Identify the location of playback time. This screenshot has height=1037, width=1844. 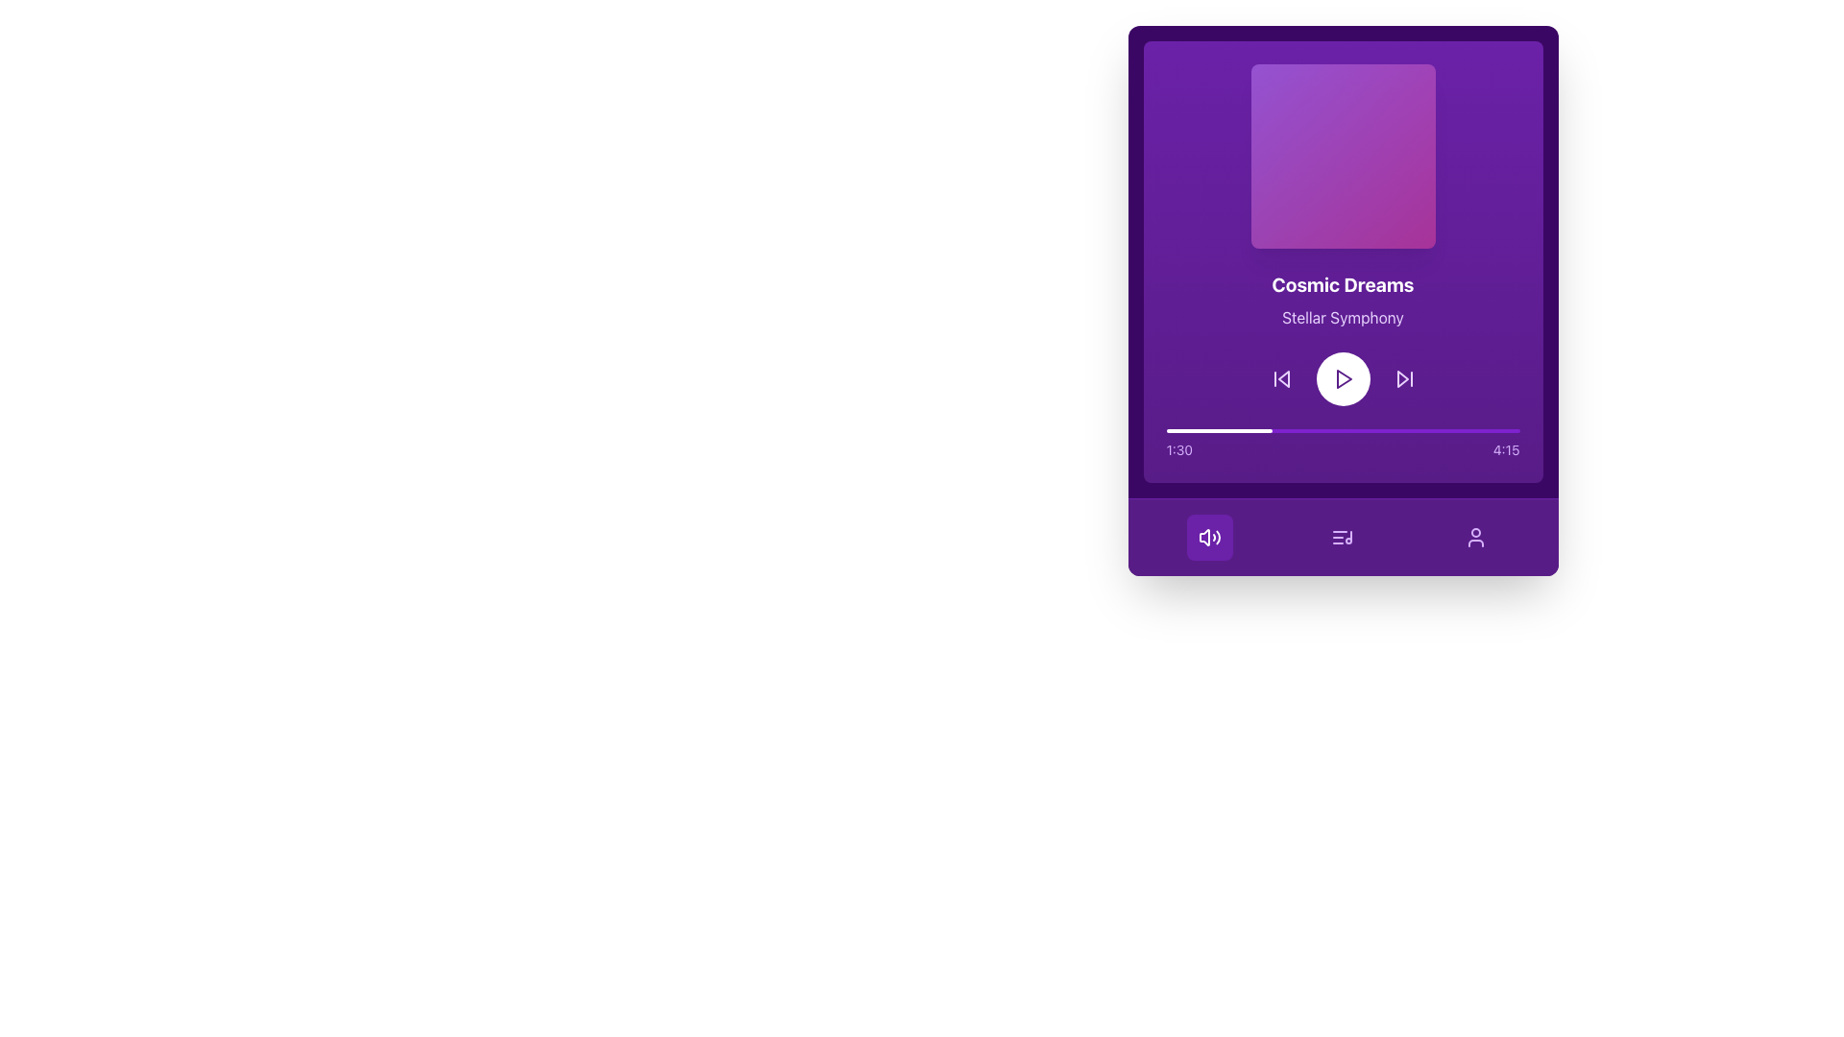
(1182, 429).